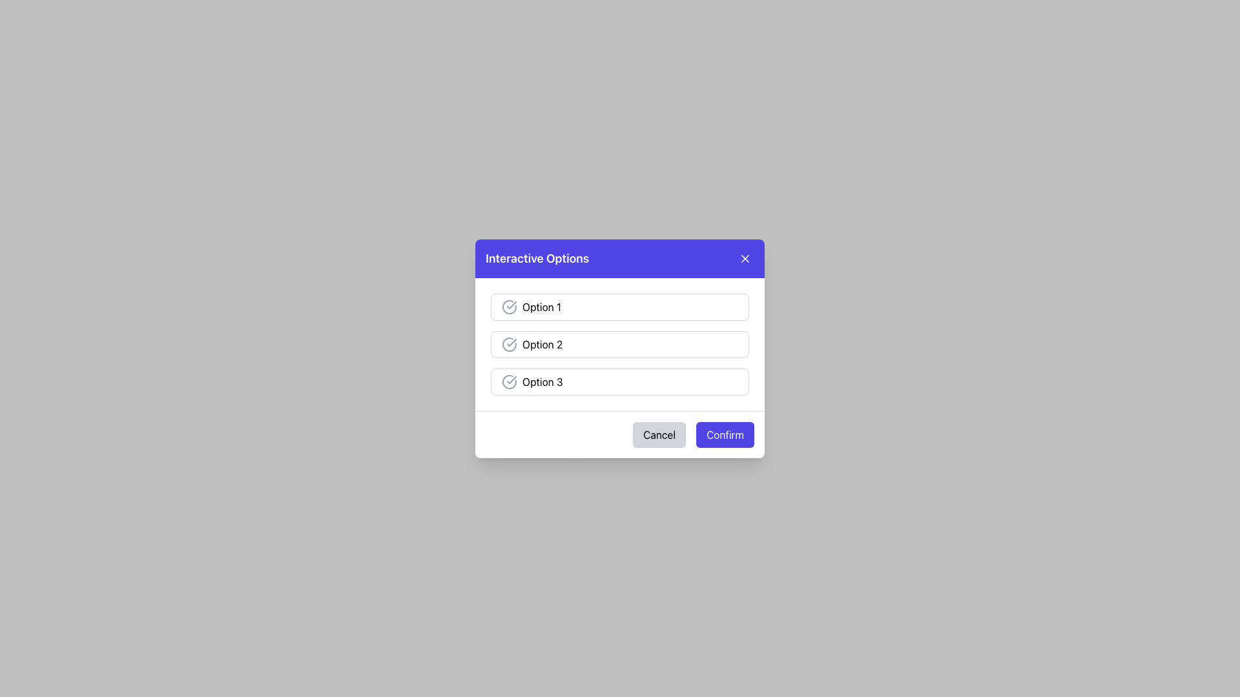 This screenshot has width=1240, height=697. I want to click on the cancel button located at the bottom-right area of the card layout to observe a background color change, so click(659, 434).